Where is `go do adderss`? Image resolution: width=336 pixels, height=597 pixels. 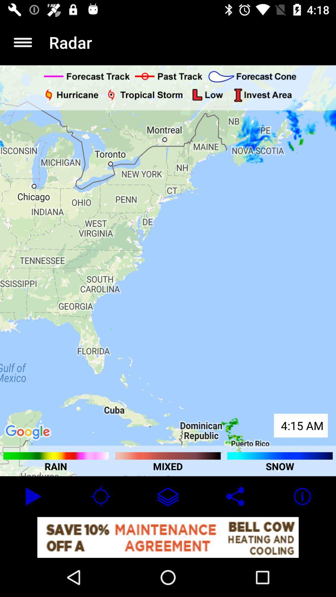
go do adderss is located at coordinates (22, 42).